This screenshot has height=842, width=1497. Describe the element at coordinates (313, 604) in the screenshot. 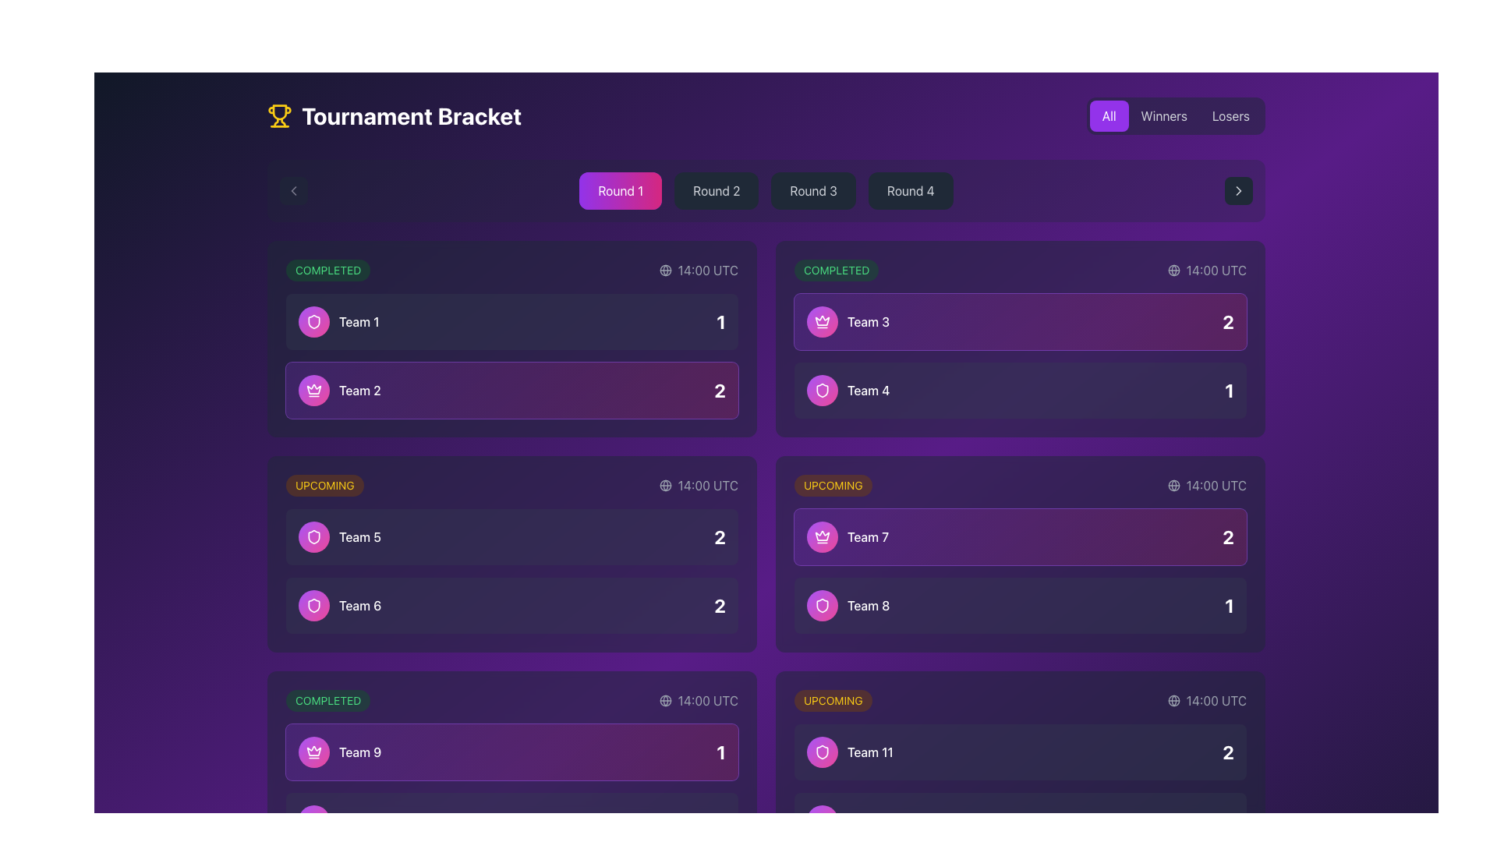

I see `attributes of the shield SVG icon element associated with 'Team 6' located in the interactive list or card setup at the center coordinates` at that location.